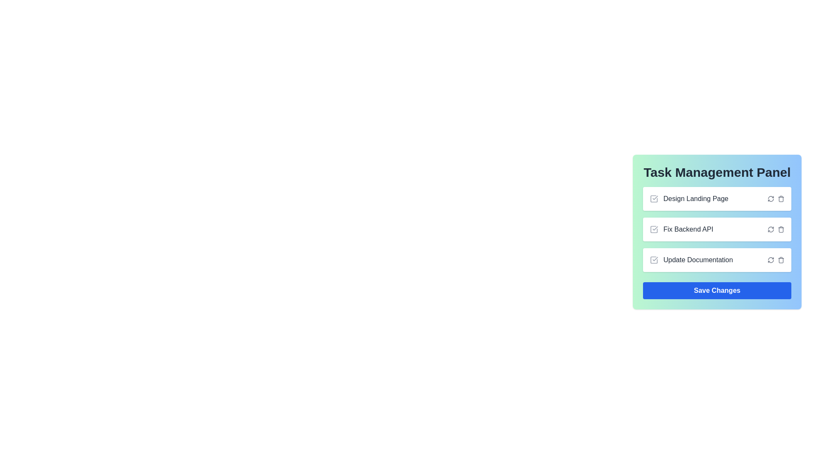 The image size is (816, 459). Describe the element at coordinates (654, 229) in the screenshot. I see `the checkbox icon` at that location.